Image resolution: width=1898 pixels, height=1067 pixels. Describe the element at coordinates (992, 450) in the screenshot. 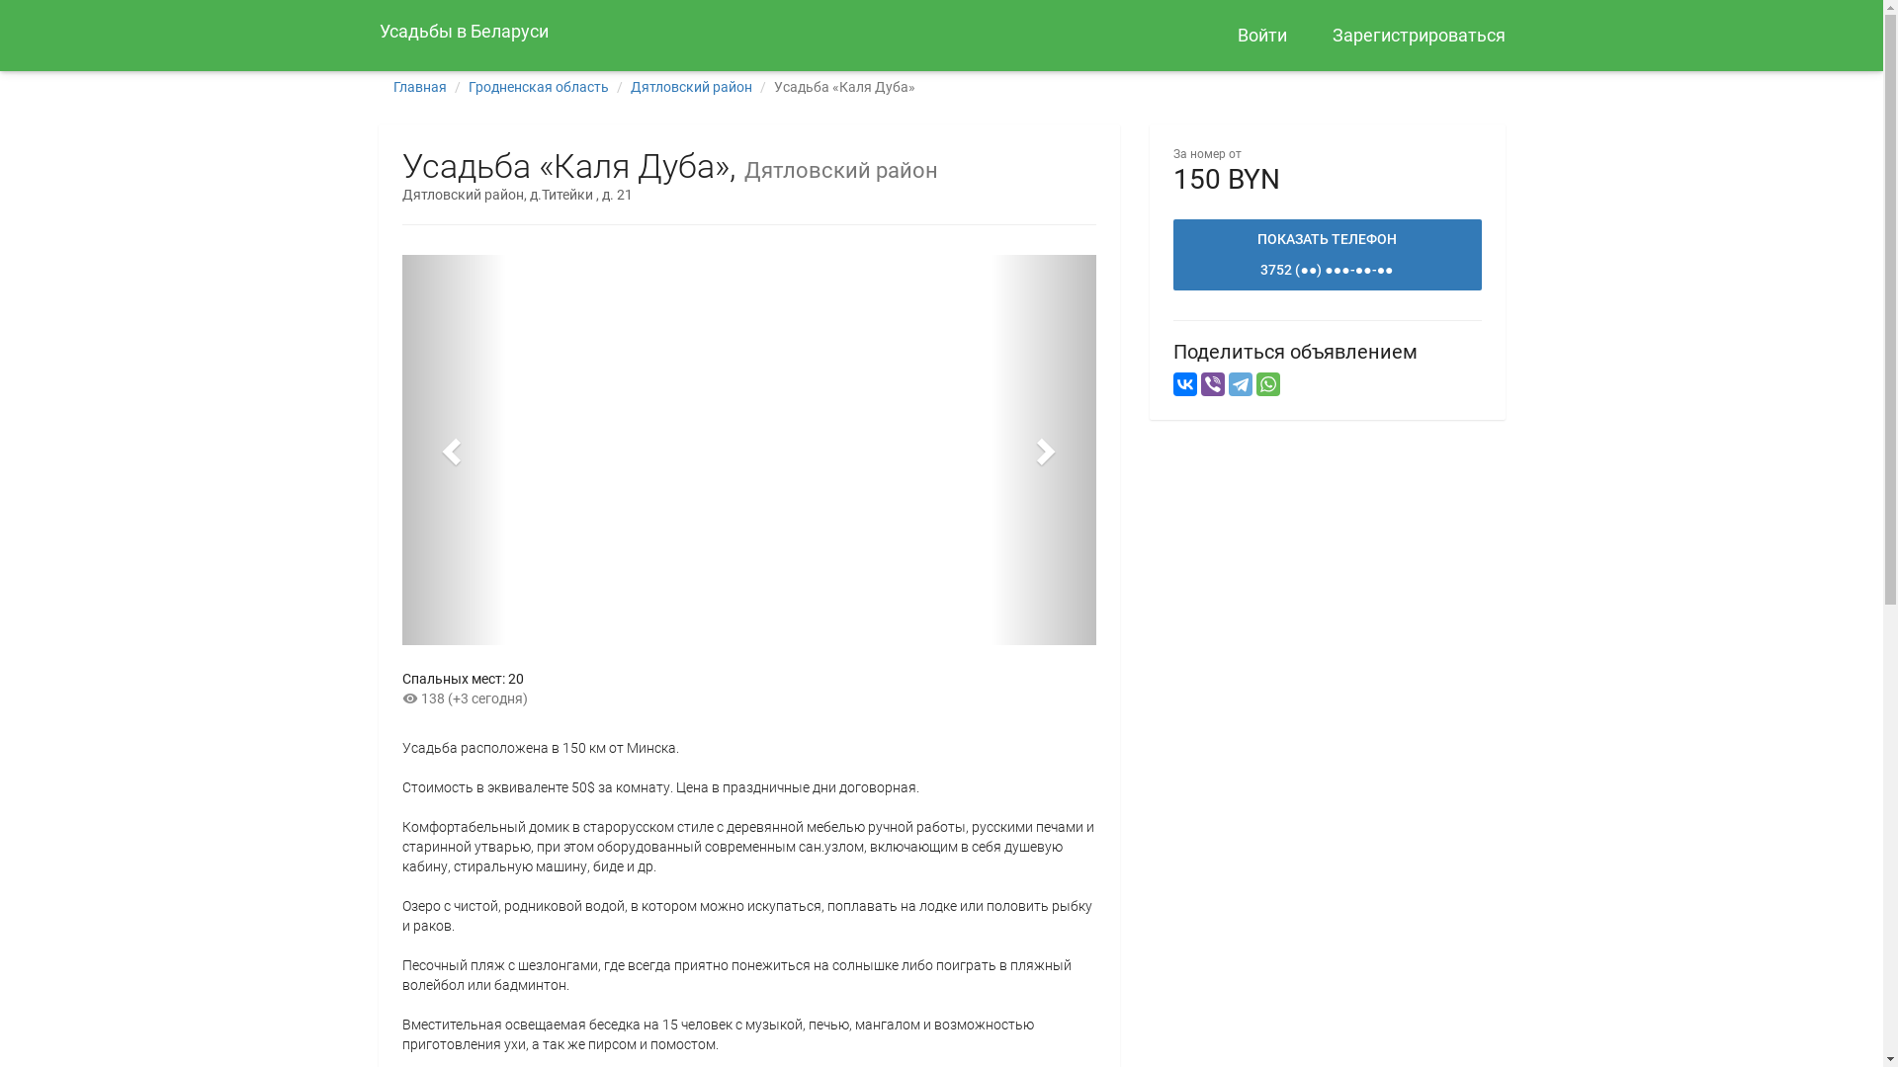

I see `'Next'` at that location.